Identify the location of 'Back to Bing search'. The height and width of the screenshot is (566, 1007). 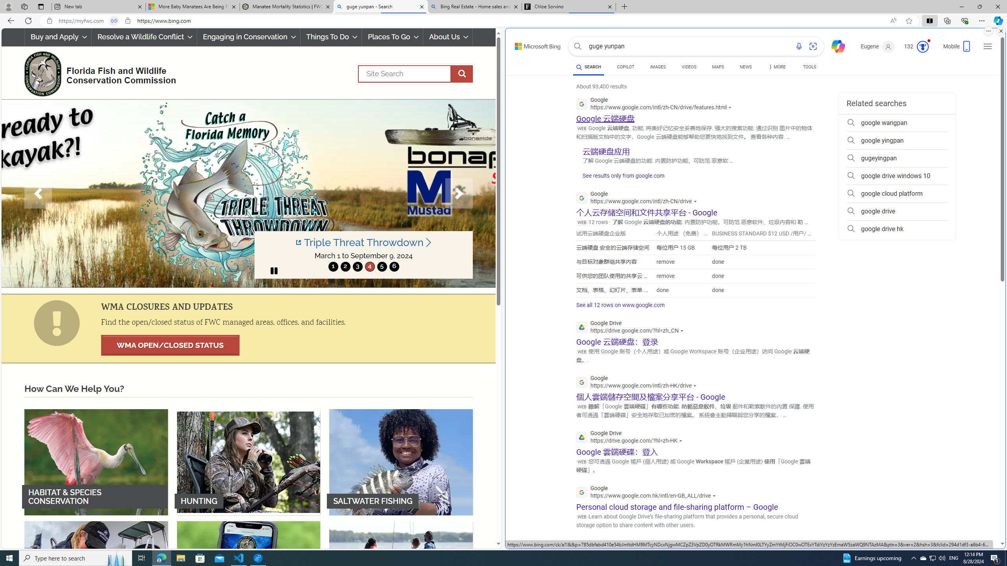
(533, 44).